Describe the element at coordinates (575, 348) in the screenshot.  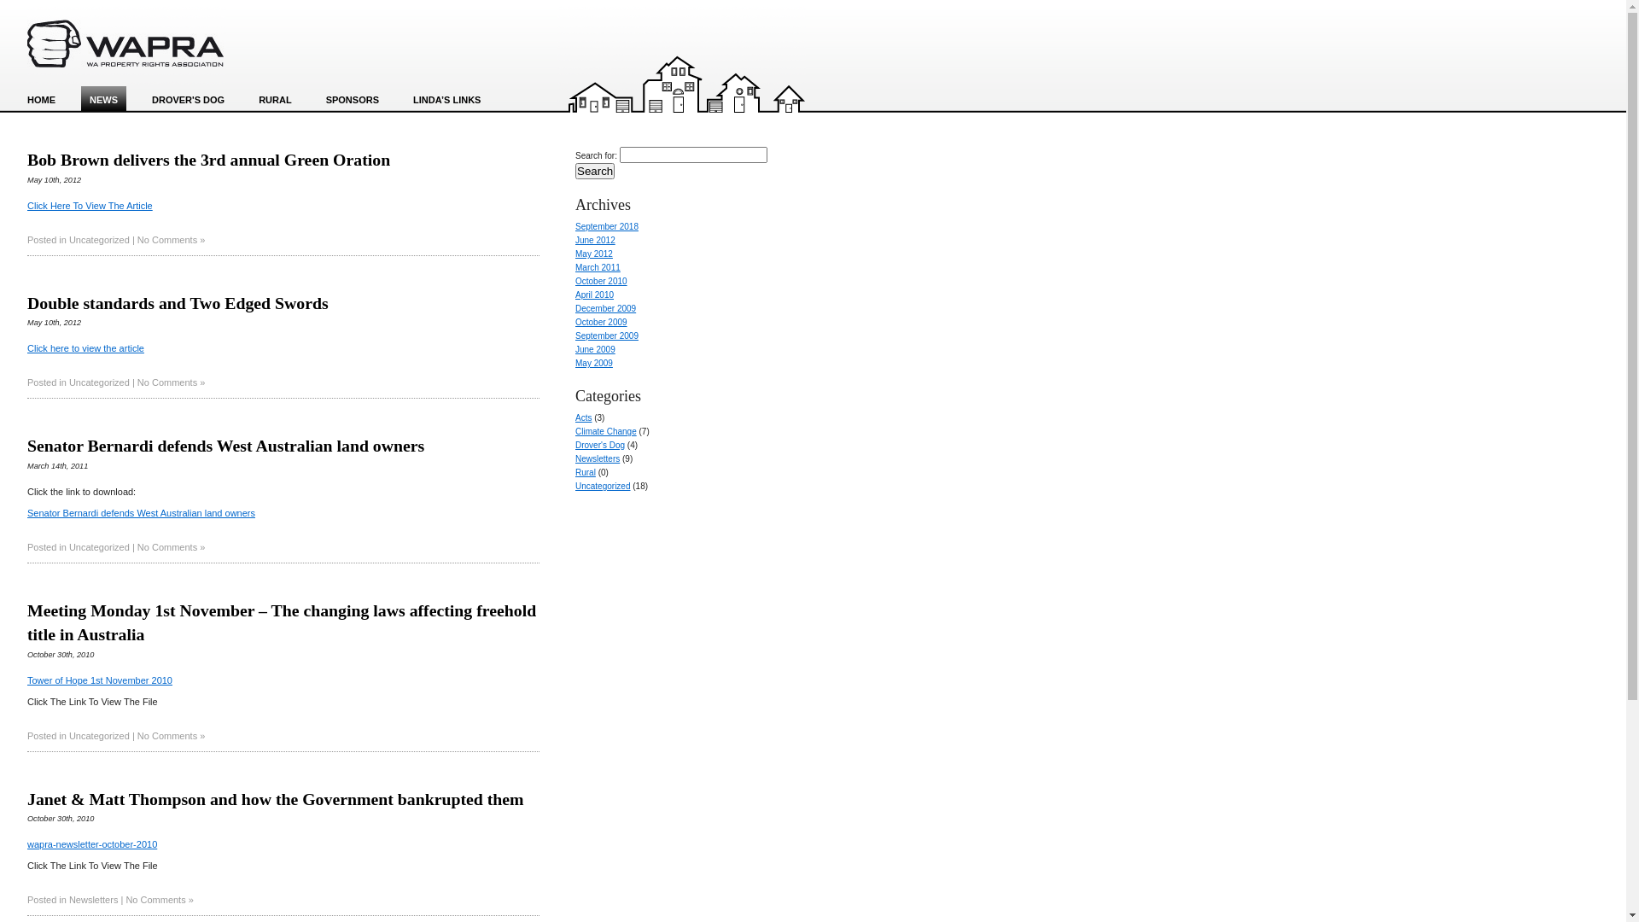
I see `'June 2009'` at that location.